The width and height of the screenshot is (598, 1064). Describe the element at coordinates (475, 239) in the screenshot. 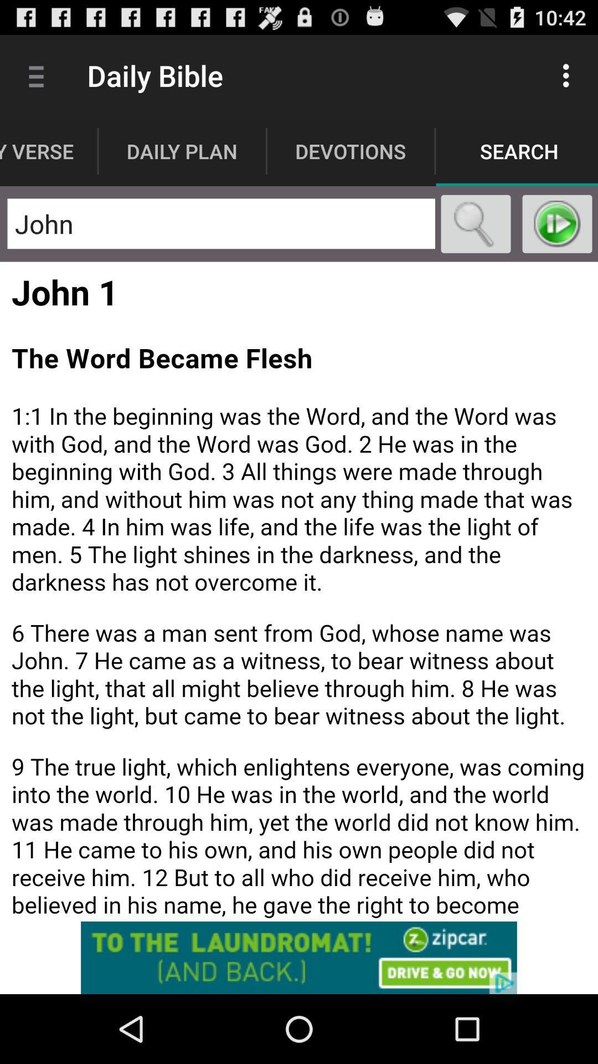

I see `the search icon` at that location.